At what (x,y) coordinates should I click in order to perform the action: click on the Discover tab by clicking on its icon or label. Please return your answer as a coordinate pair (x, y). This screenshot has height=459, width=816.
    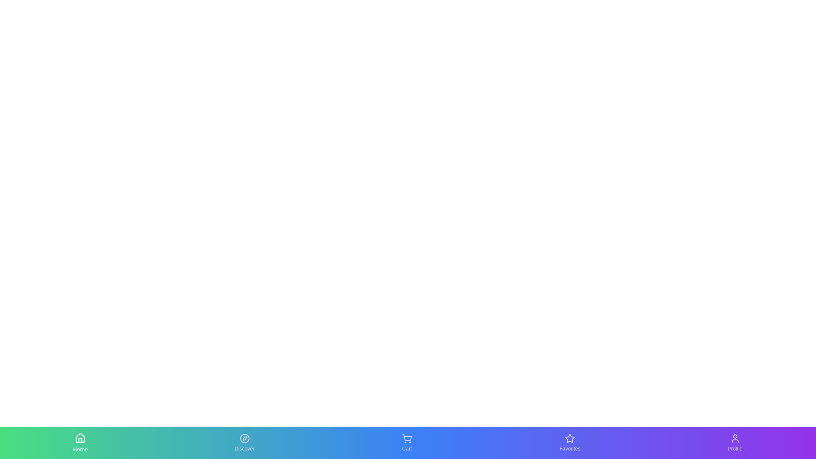
    Looking at the image, I should click on (244, 442).